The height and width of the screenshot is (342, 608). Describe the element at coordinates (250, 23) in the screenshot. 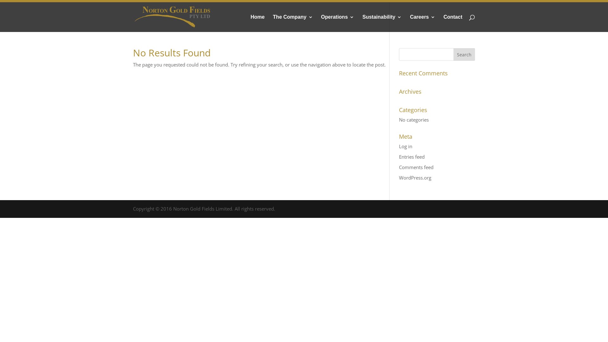

I see `'Home'` at that location.